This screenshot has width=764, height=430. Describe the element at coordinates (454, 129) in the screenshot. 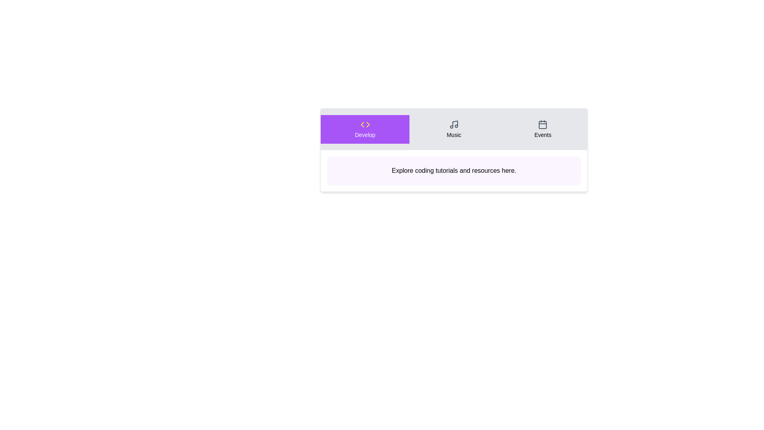

I see `the Music tab` at that location.